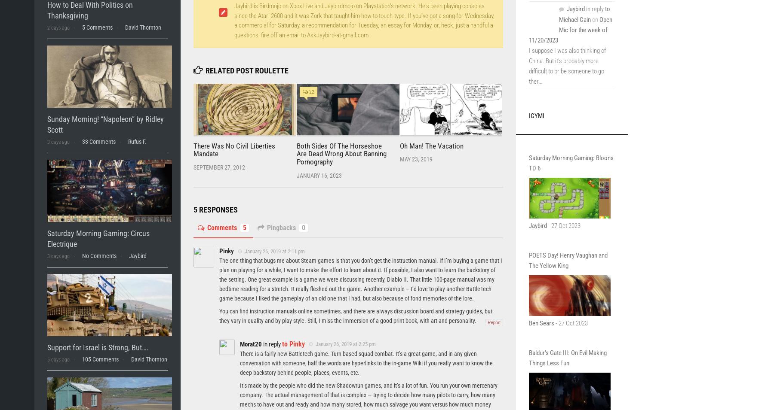 The height and width of the screenshot is (410, 774). What do you see at coordinates (366, 362) in the screenshot?
I see `'There is a fairly new Battletech game. Turn based squad combat. It’s a great game, and in any given conversation with someone, half the words are hyperlinks to the in-game Wiki if you really want to know the deep backstory behind people, places, events, etc.'` at bounding box center [366, 362].